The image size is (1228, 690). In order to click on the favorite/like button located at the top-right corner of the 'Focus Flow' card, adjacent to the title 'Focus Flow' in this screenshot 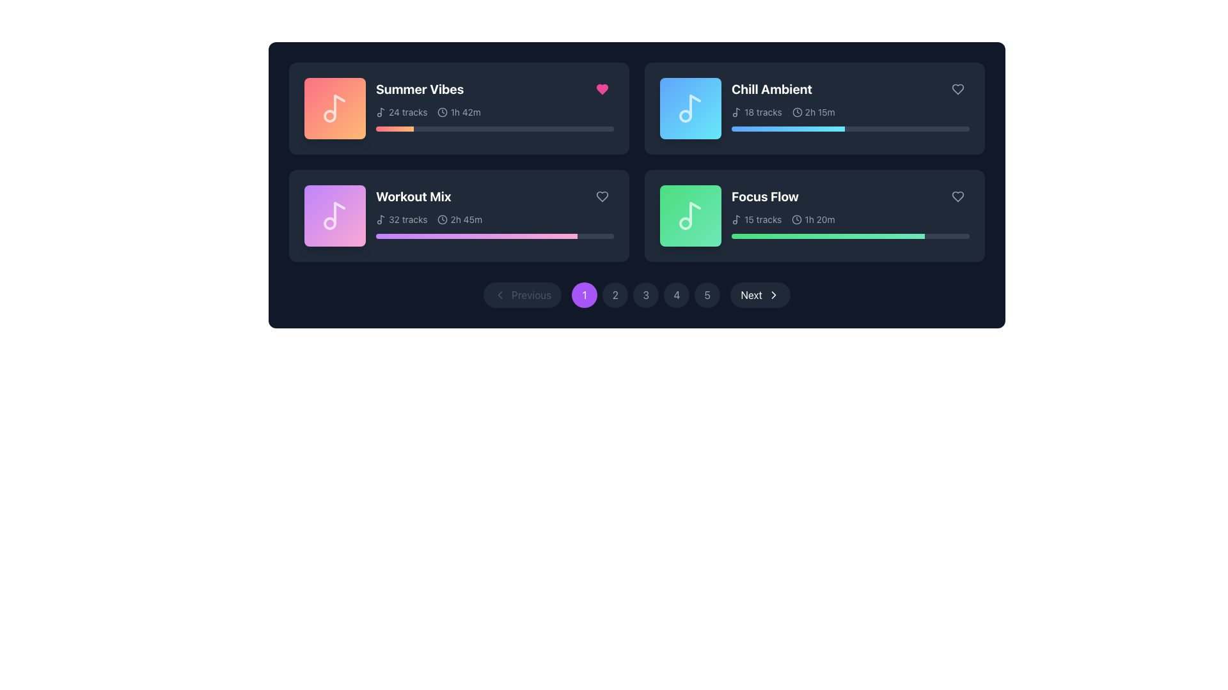, I will do `click(957, 197)`.